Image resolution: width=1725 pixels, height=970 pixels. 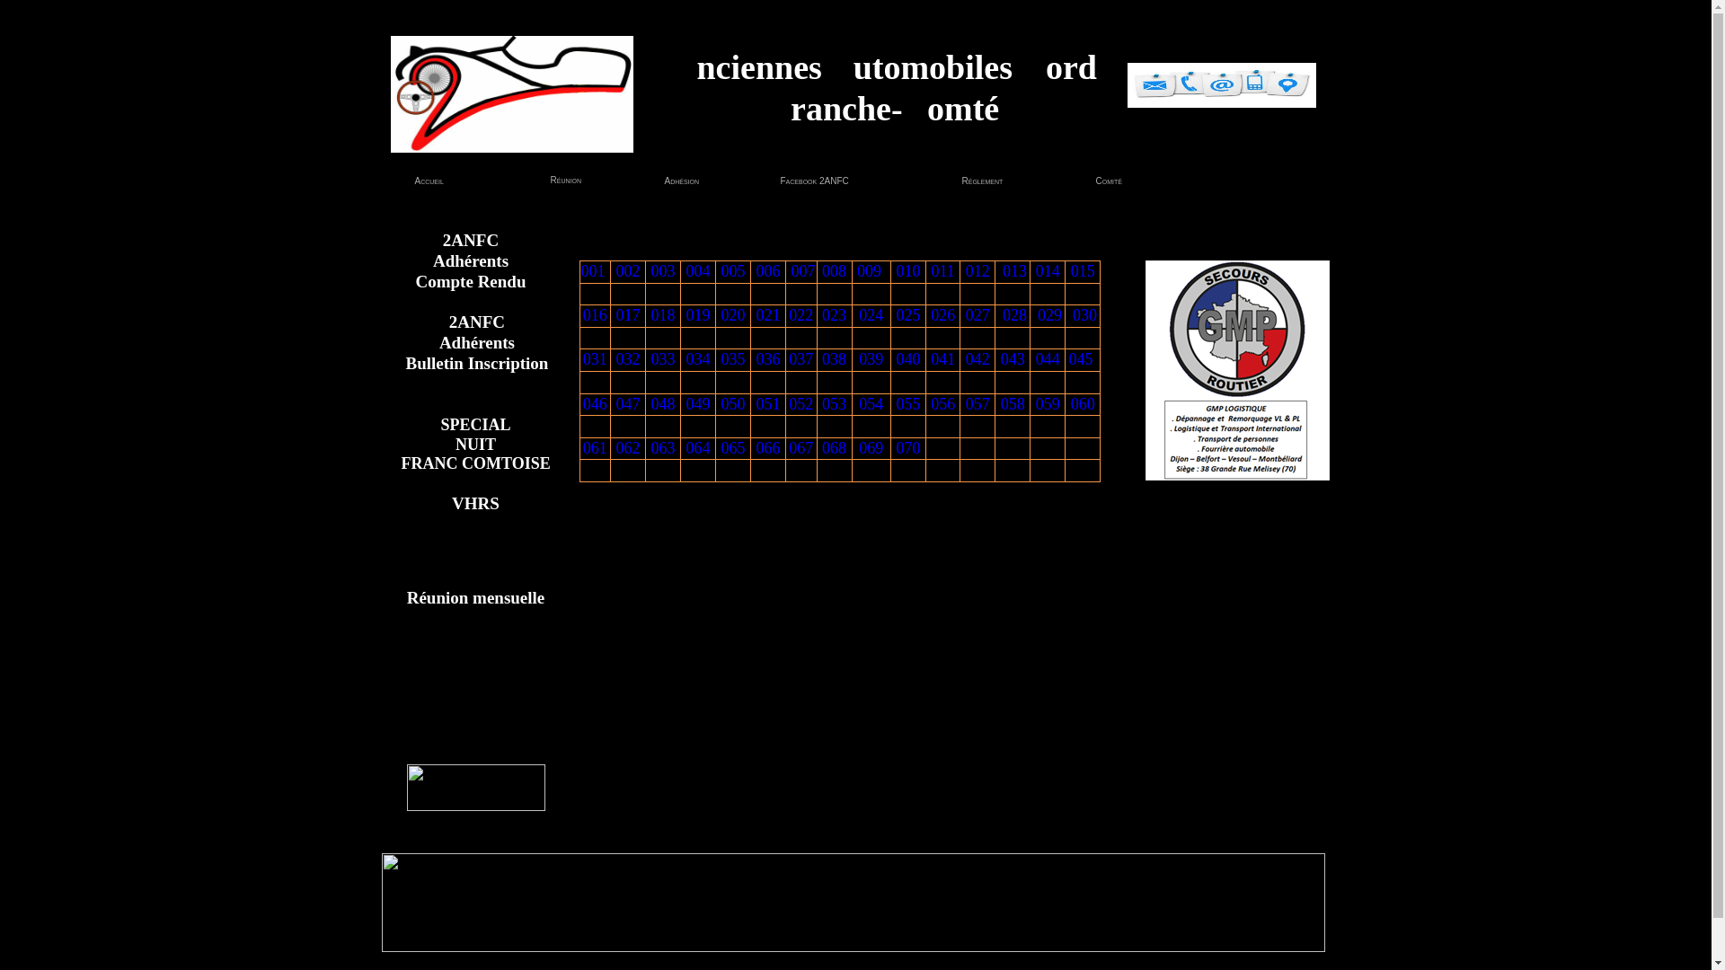 I want to click on ' 005 ', so click(x=733, y=270).